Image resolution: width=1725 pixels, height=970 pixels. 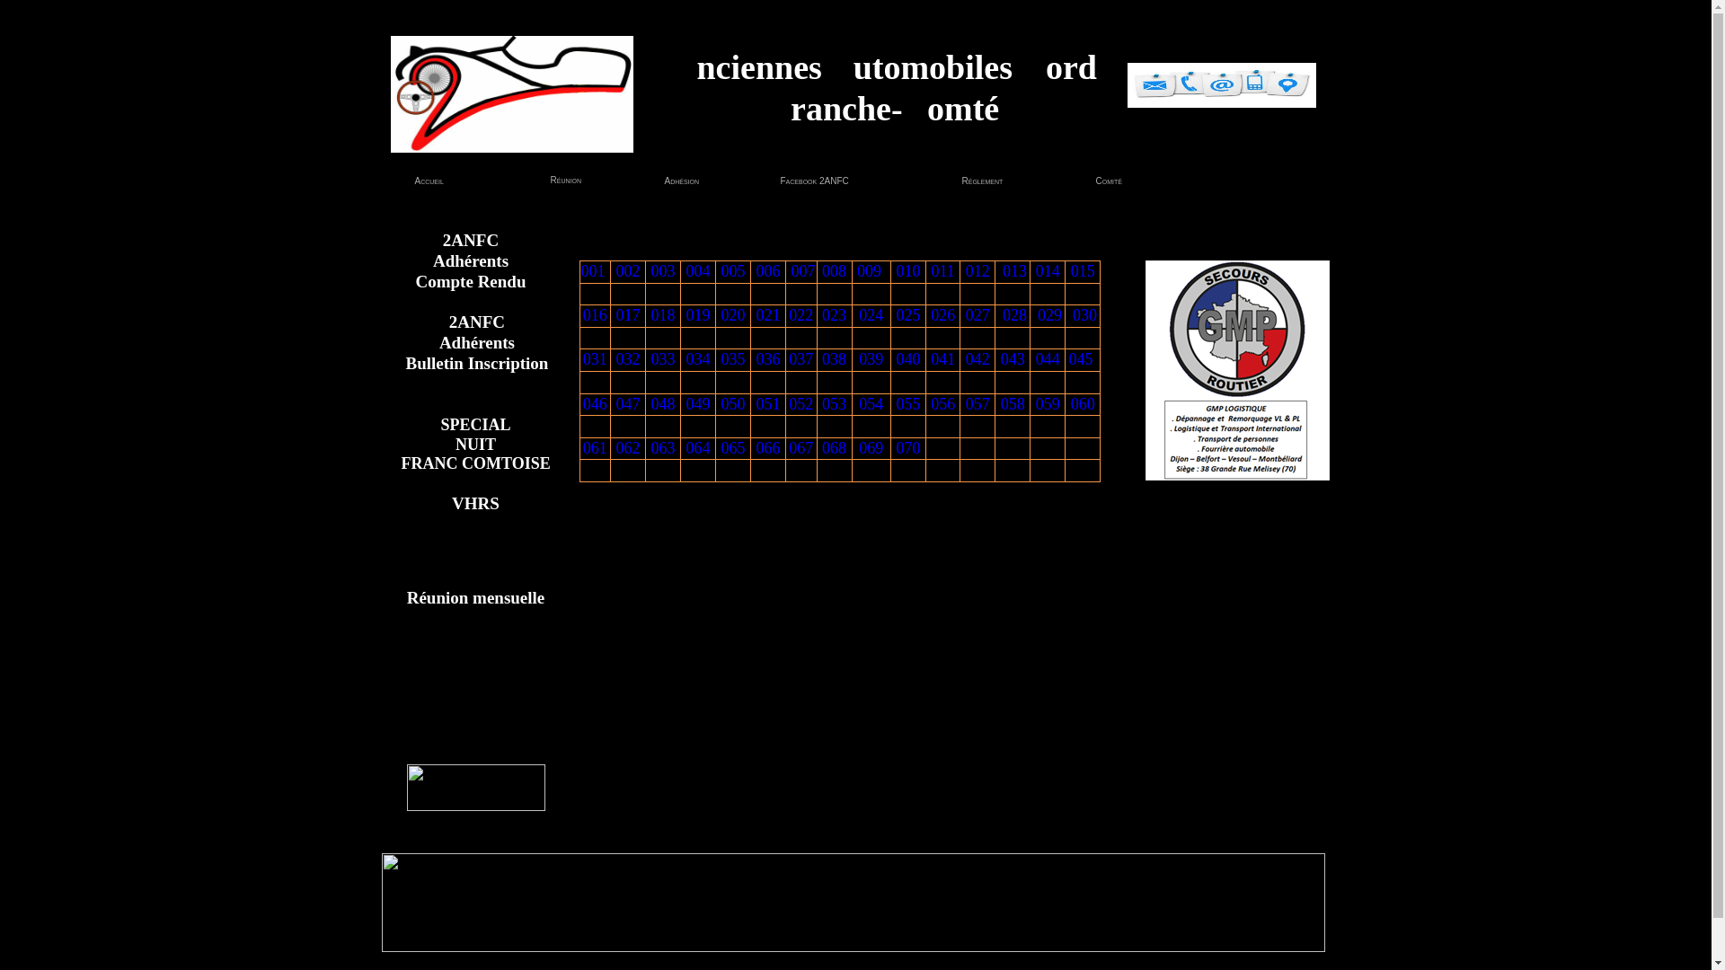 I want to click on ' 005 ', so click(x=733, y=270).